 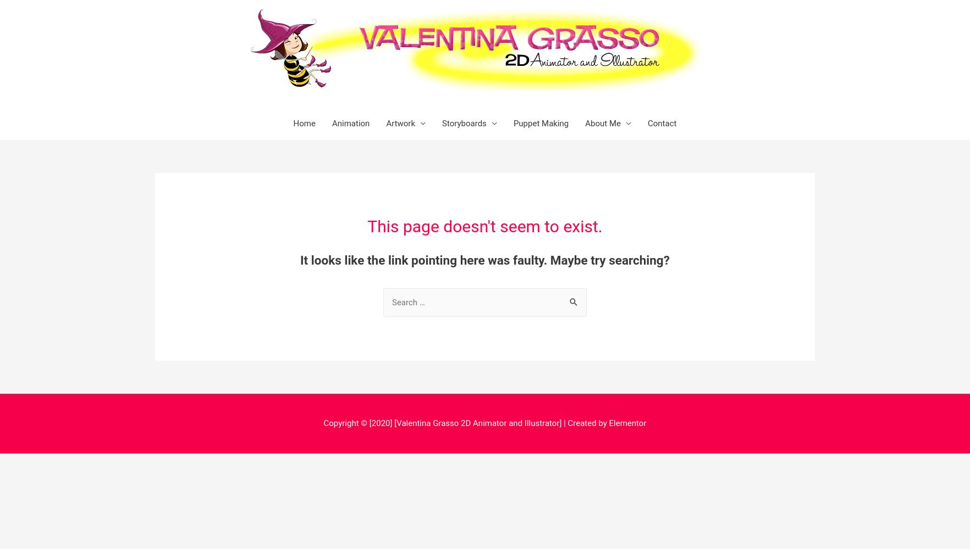 What do you see at coordinates (602, 123) in the screenshot?
I see `'About Me'` at bounding box center [602, 123].